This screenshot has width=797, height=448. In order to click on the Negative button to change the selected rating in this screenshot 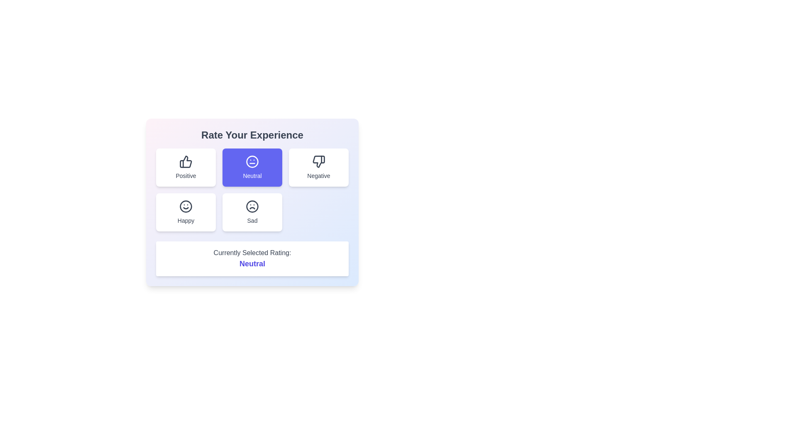, I will do `click(318, 168)`.